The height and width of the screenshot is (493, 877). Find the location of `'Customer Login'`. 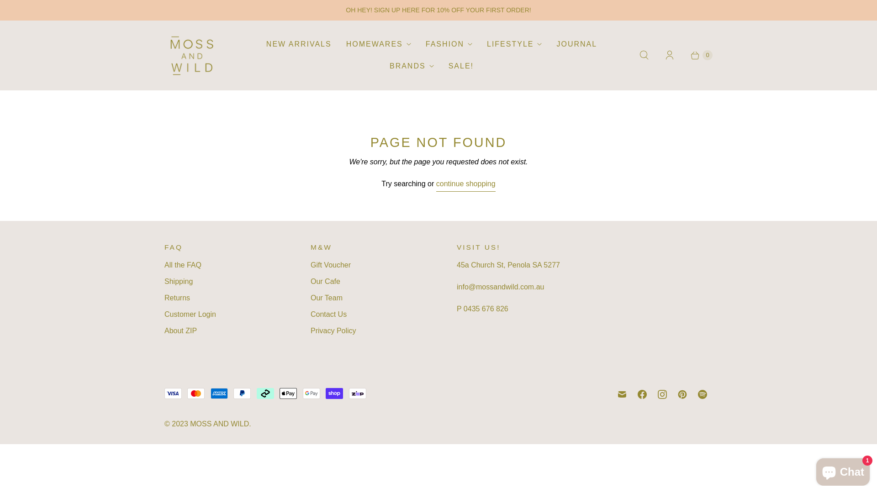

'Customer Login' is located at coordinates (190, 314).